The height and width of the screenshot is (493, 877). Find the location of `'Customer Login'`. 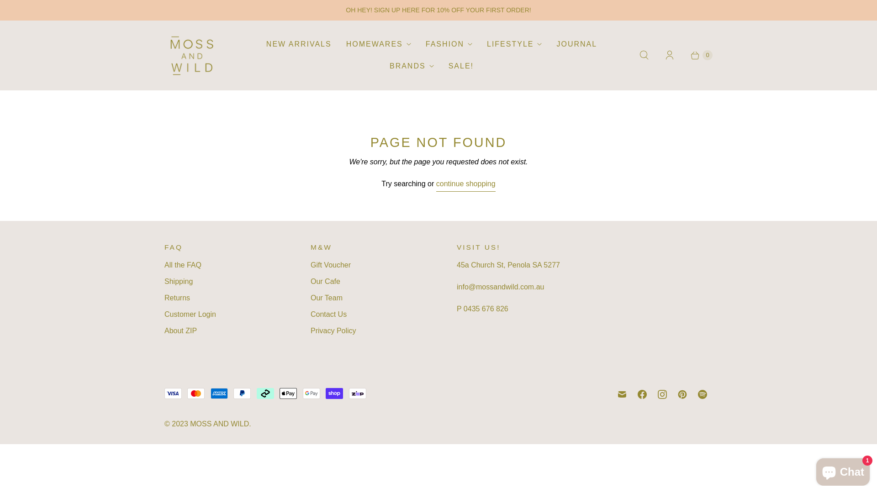

'Customer Login' is located at coordinates (190, 314).